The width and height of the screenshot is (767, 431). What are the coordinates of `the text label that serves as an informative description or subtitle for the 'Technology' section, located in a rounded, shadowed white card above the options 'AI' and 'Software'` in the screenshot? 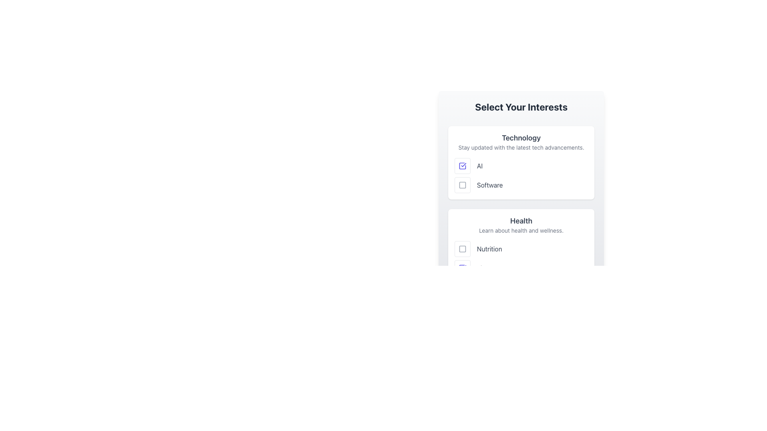 It's located at (521, 148).